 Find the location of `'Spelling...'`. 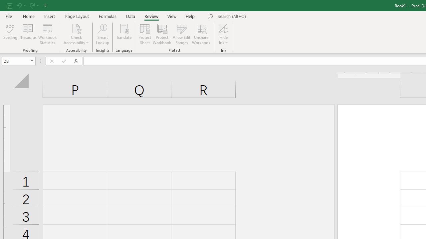

'Spelling...' is located at coordinates (10, 34).